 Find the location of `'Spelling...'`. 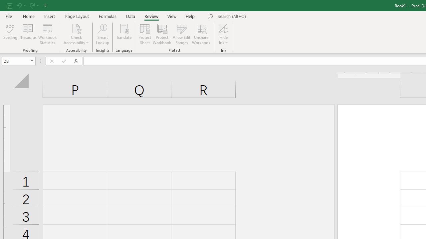

'Spelling...' is located at coordinates (10, 34).